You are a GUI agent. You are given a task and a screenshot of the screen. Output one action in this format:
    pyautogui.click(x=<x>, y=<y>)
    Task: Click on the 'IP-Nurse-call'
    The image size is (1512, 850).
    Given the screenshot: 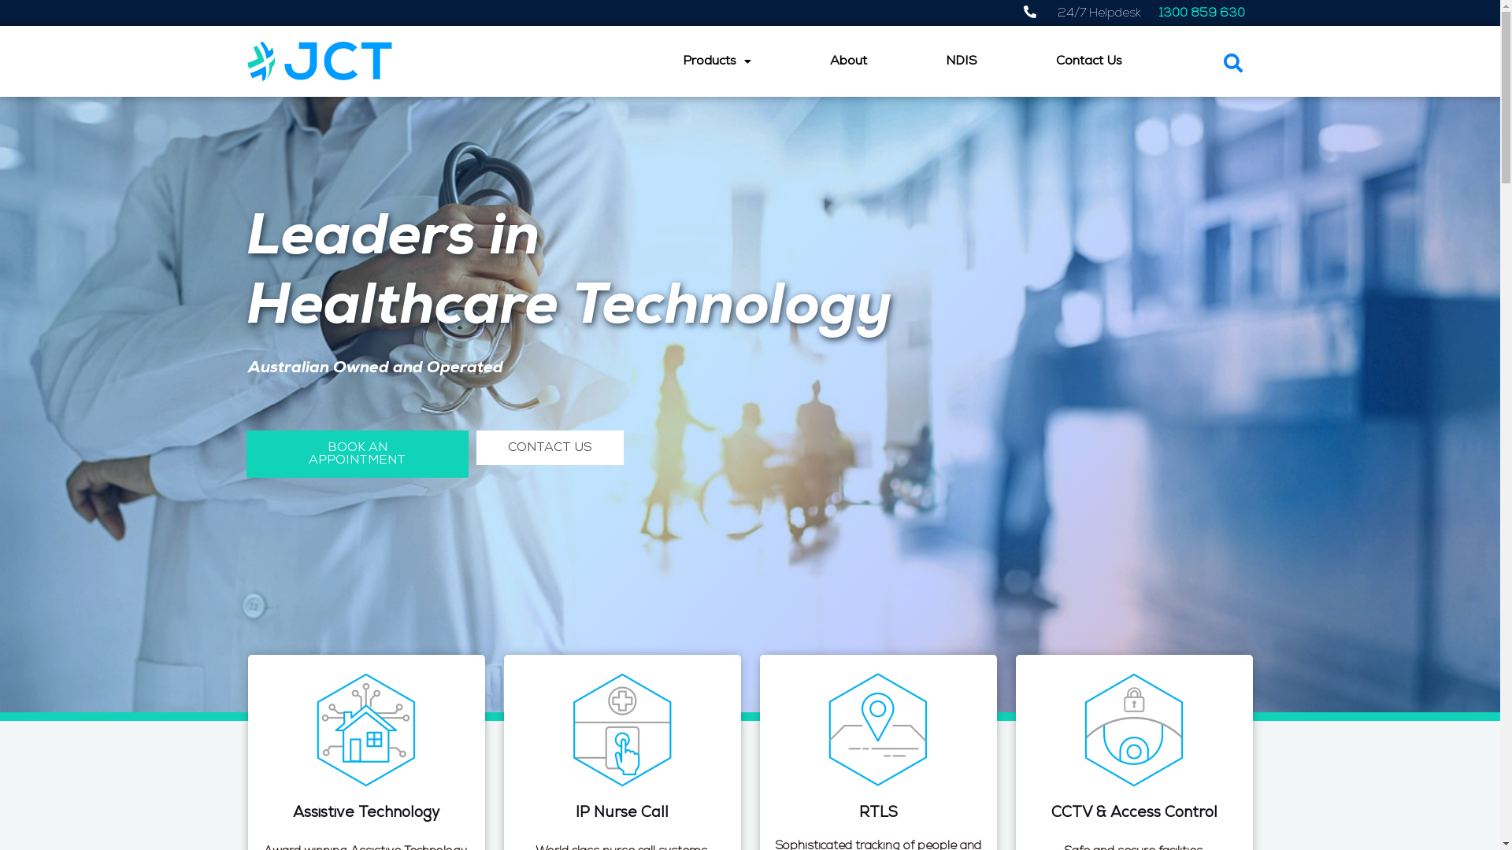 What is the action you would take?
    pyautogui.click(x=621, y=729)
    